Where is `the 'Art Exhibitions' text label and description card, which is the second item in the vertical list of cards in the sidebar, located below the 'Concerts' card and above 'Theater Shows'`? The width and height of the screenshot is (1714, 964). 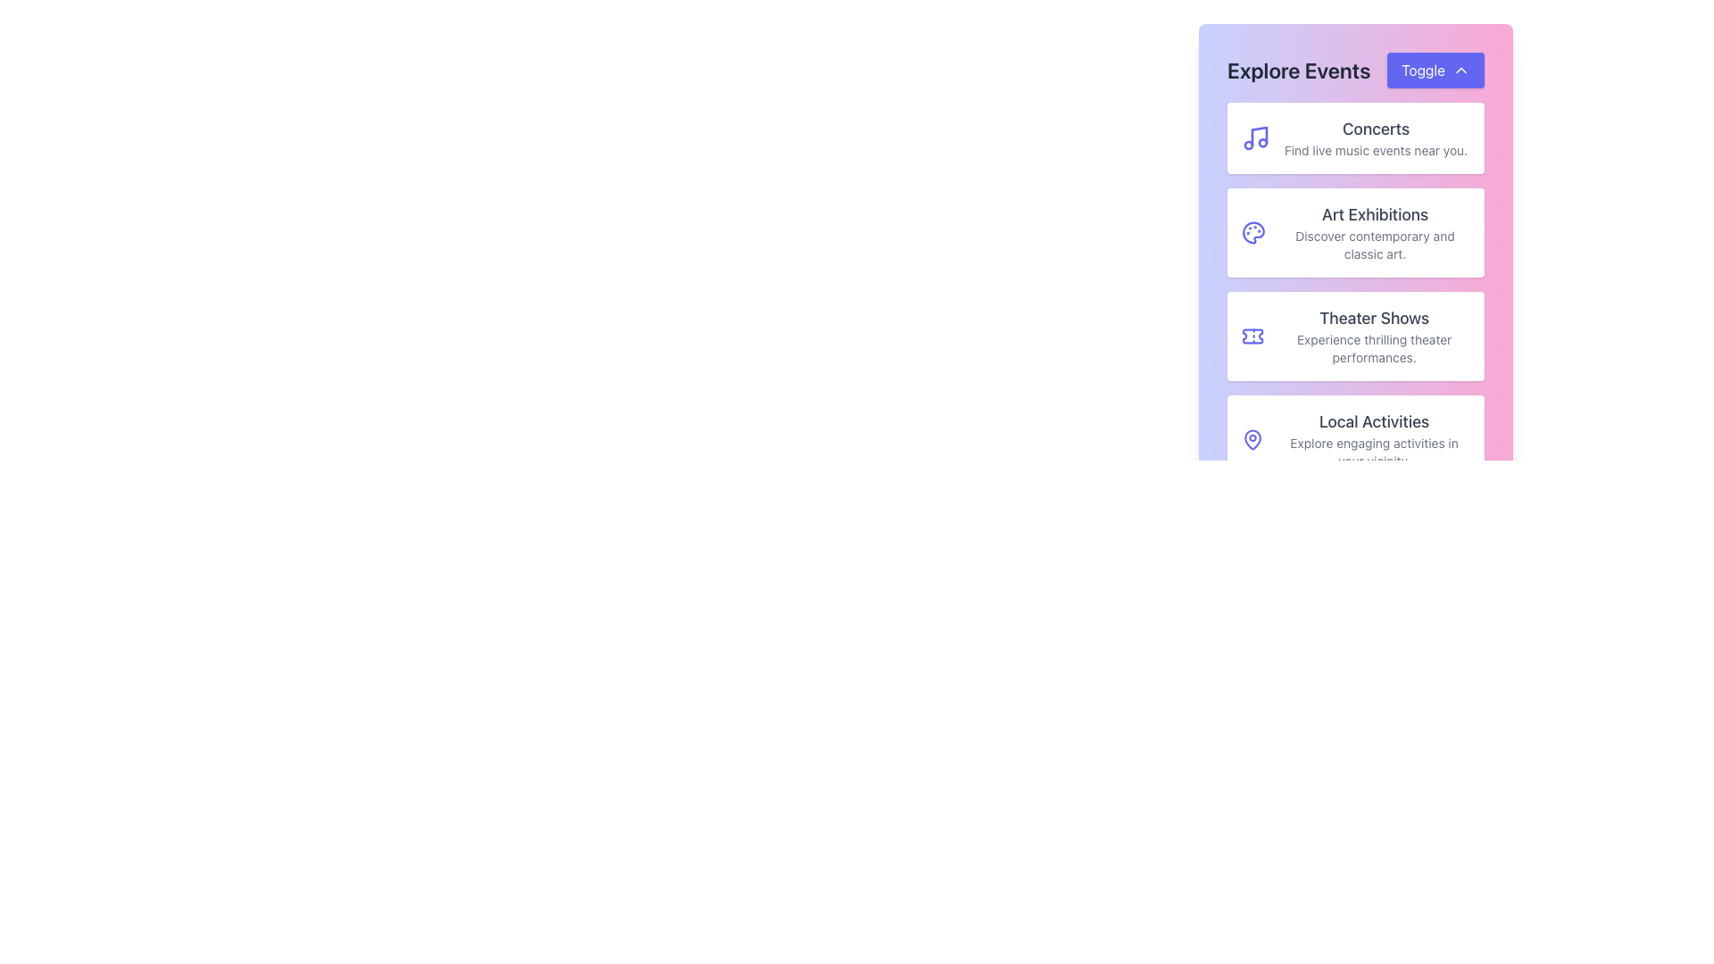 the 'Art Exhibitions' text label and description card, which is the second item in the vertical list of cards in the sidebar, located below the 'Concerts' card and above 'Theater Shows' is located at coordinates (1374, 232).